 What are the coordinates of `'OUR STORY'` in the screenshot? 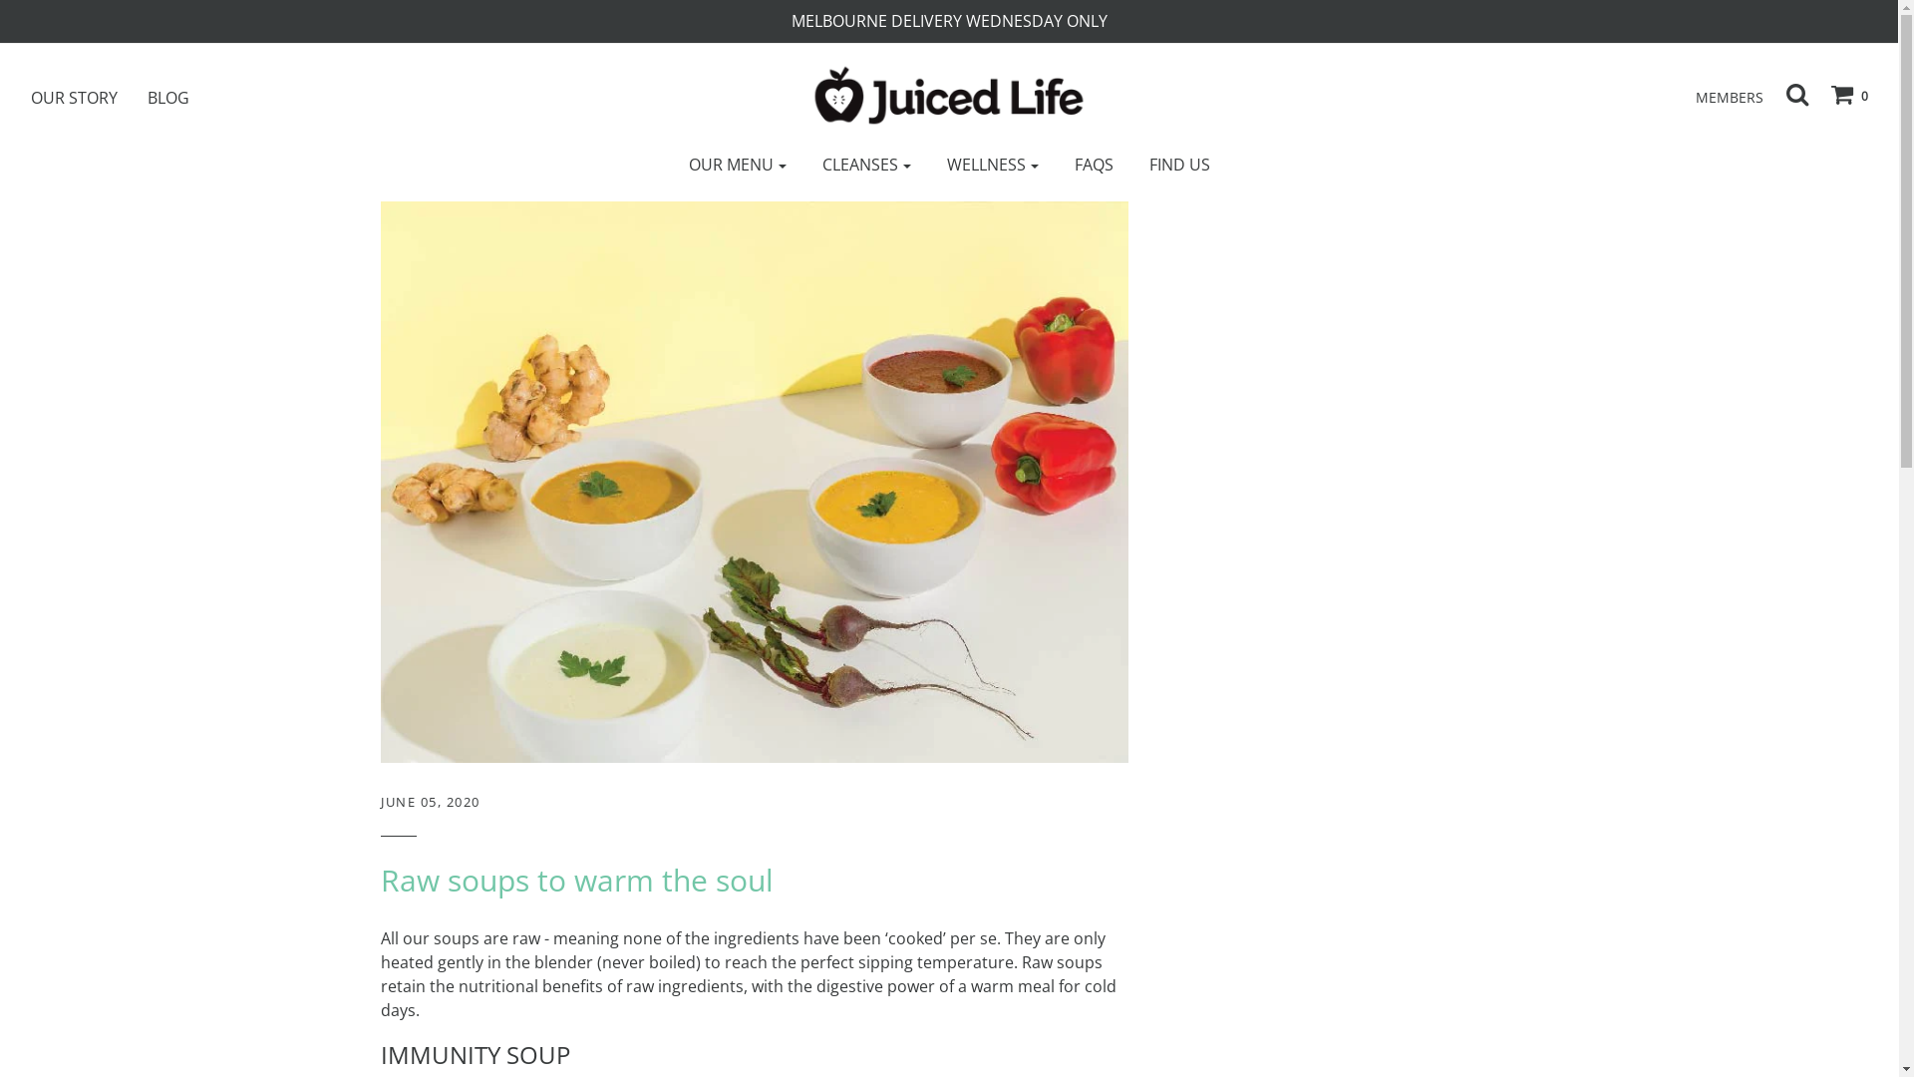 It's located at (88, 97).